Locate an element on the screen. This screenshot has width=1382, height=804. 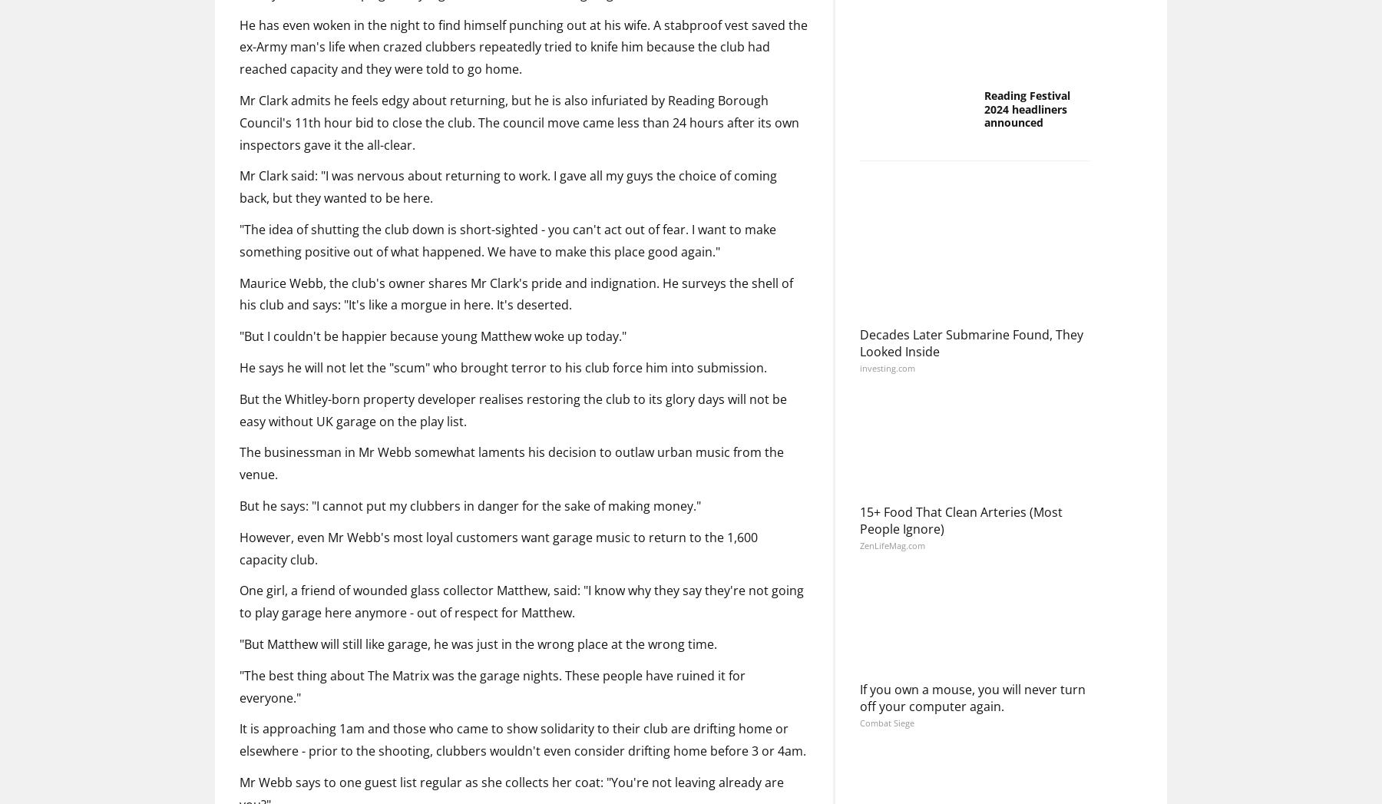
'Mr Clark admits he feels edgy about returning, but he is also infuriated by Reading Borough Council's 11th hour bid to close the club. The council move came less than 24 hours after its own inspectors gave it the all-clear.' is located at coordinates (518, 122).